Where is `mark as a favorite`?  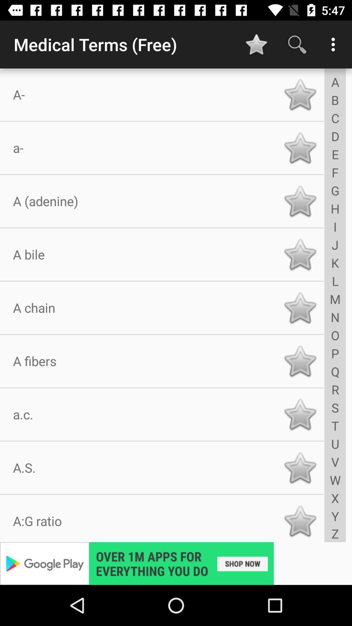 mark as a favorite is located at coordinates (300, 201).